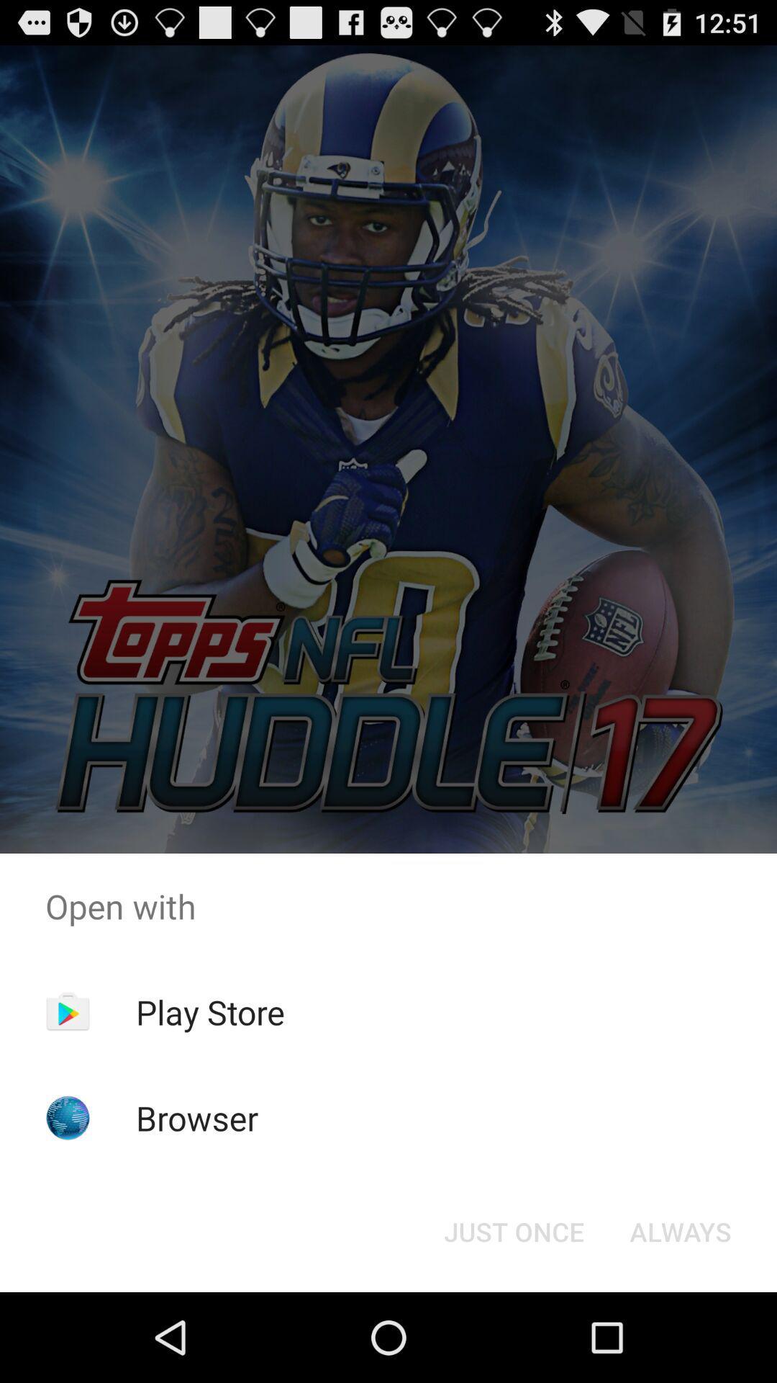  I want to click on icon at the bottom right corner, so click(680, 1230).